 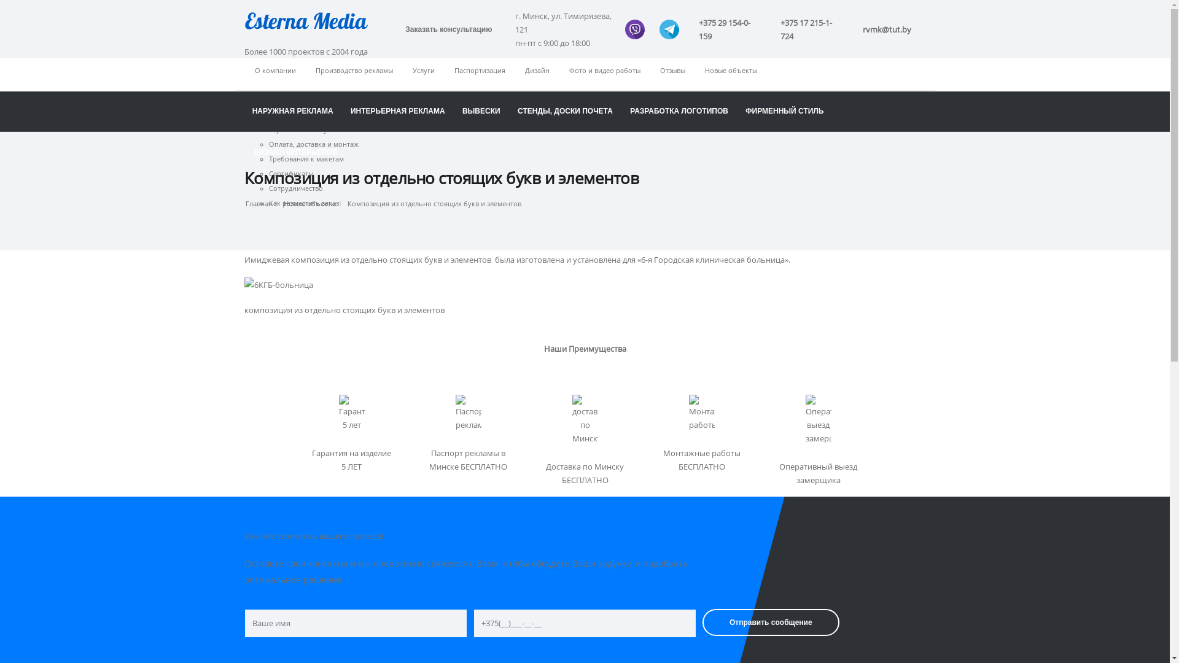 What do you see at coordinates (811, 28) in the screenshot?
I see `'+375 17 215-1-724'` at bounding box center [811, 28].